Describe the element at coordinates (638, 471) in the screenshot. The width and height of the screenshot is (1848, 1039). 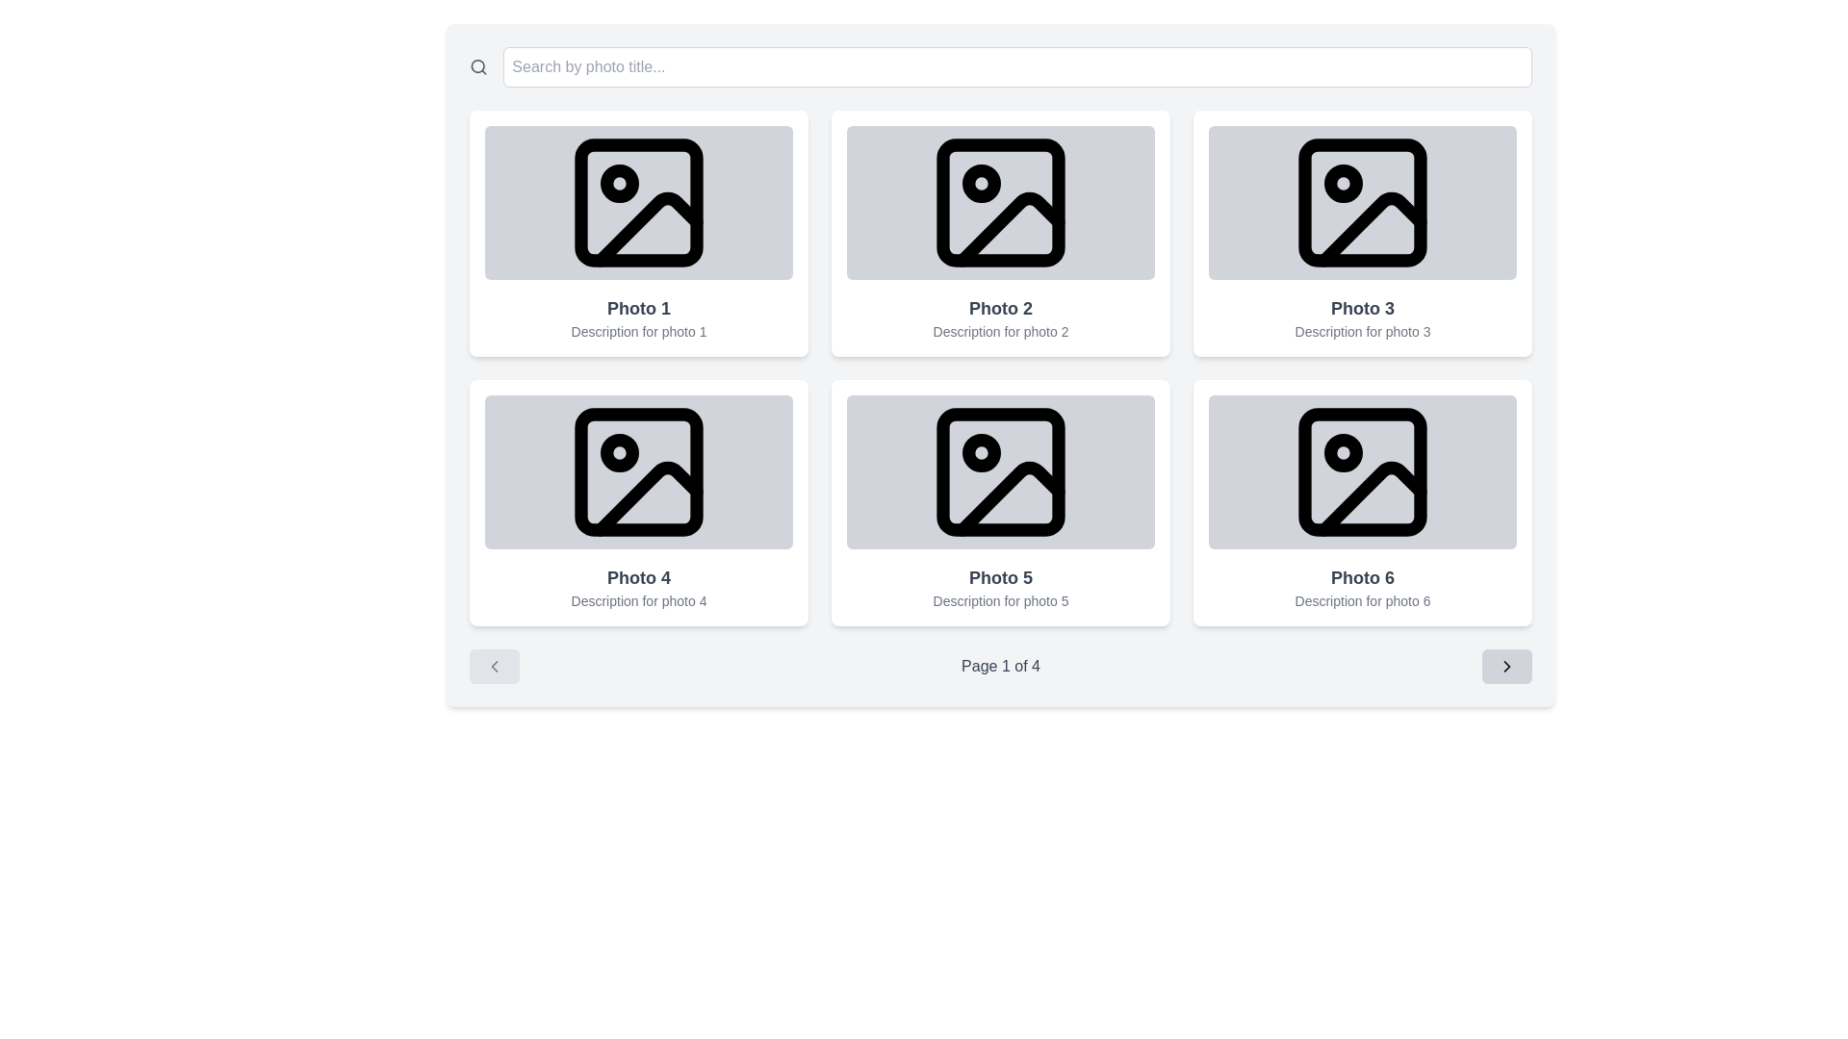
I see `the top-left graphical decorative rectangle inside the image placeholder icon` at that location.